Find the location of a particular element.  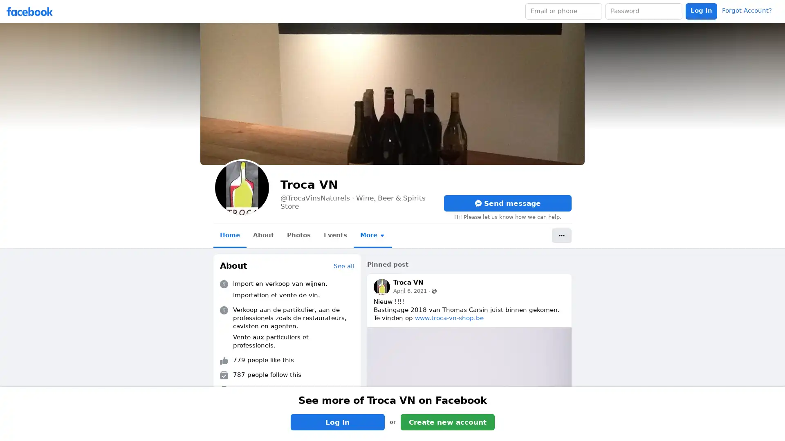

Accessible login button is located at coordinates (701, 11).